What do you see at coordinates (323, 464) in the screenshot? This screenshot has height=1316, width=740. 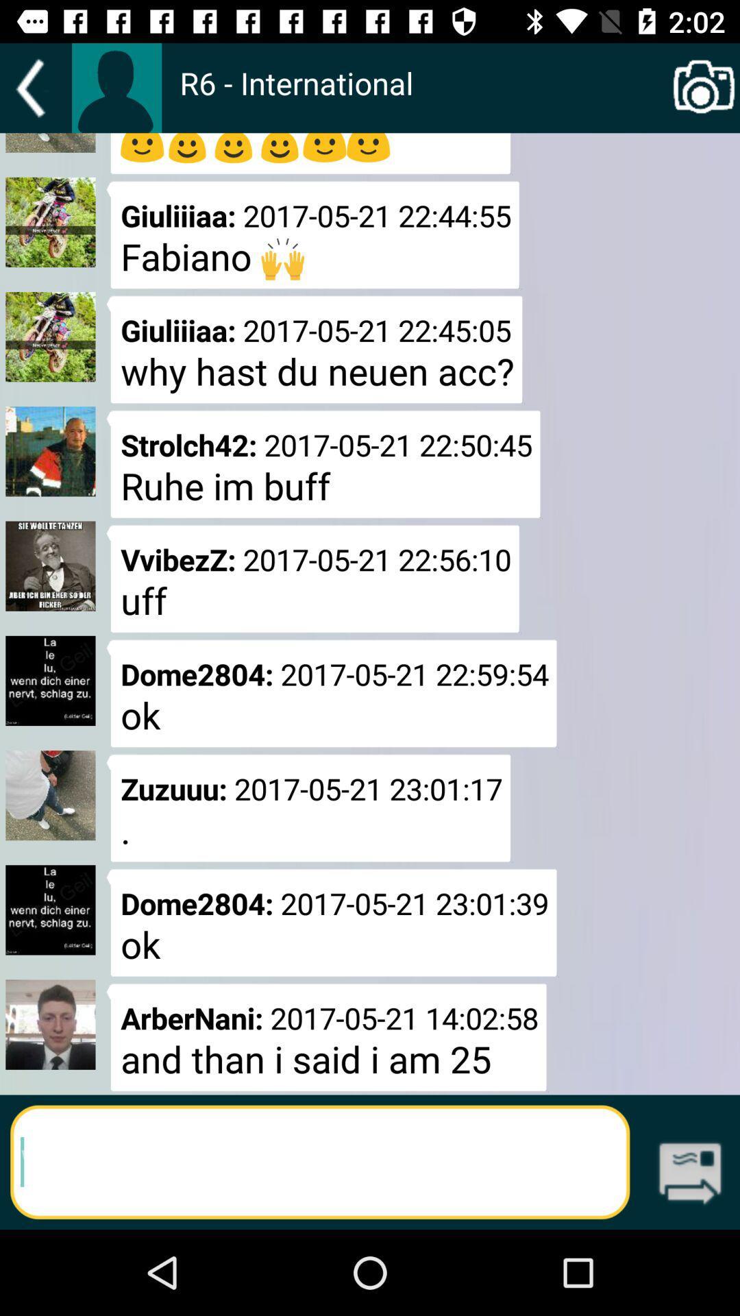 I see `strolch42 2017 05 icon` at bounding box center [323, 464].